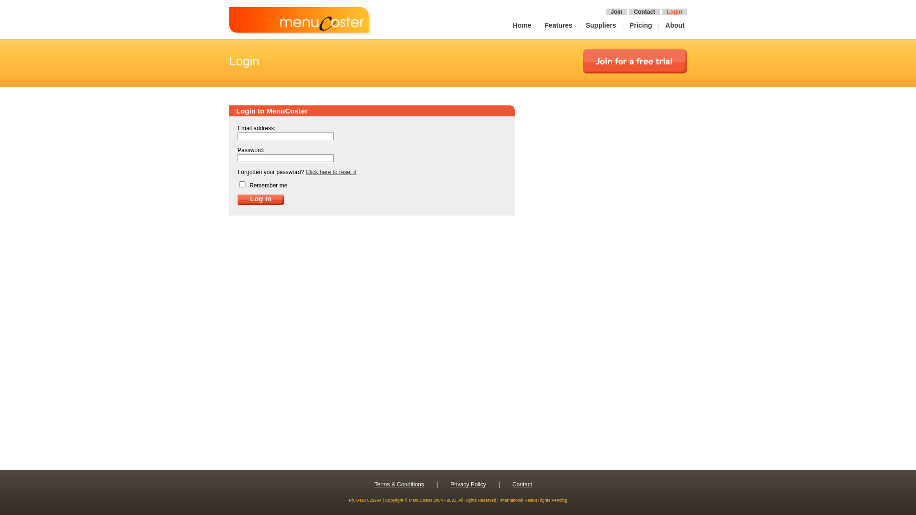 This screenshot has height=515, width=916. Describe the element at coordinates (665, 25) in the screenshot. I see `'About'` at that location.